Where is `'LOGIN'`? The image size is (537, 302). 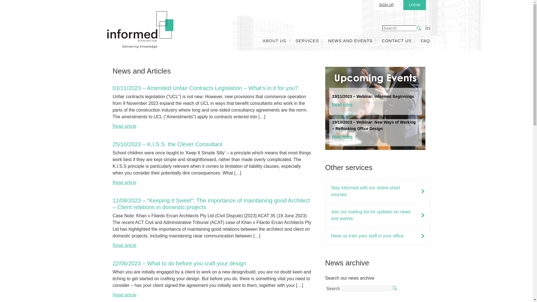 'LOGIN' is located at coordinates (414, 5).